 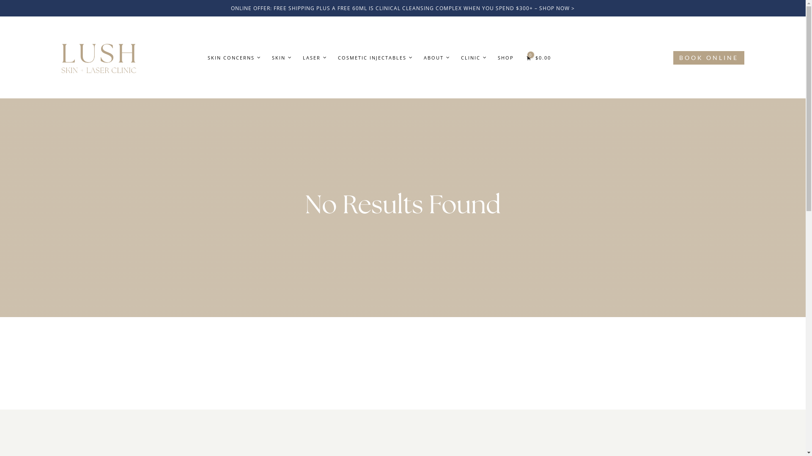 What do you see at coordinates (673, 57) in the screenshot?
I see `'BOOK ONLINE'` at bounding box center [673, 57].